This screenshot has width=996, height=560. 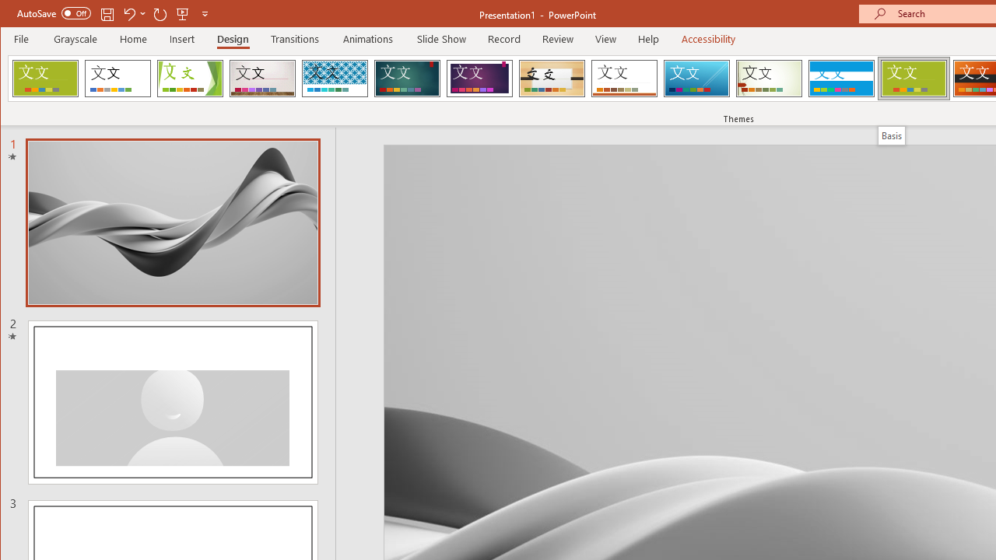 What do you see at coordinates (334, 78) in the screenshot?
I see `'Integral'` at bounding box center [334, 78].